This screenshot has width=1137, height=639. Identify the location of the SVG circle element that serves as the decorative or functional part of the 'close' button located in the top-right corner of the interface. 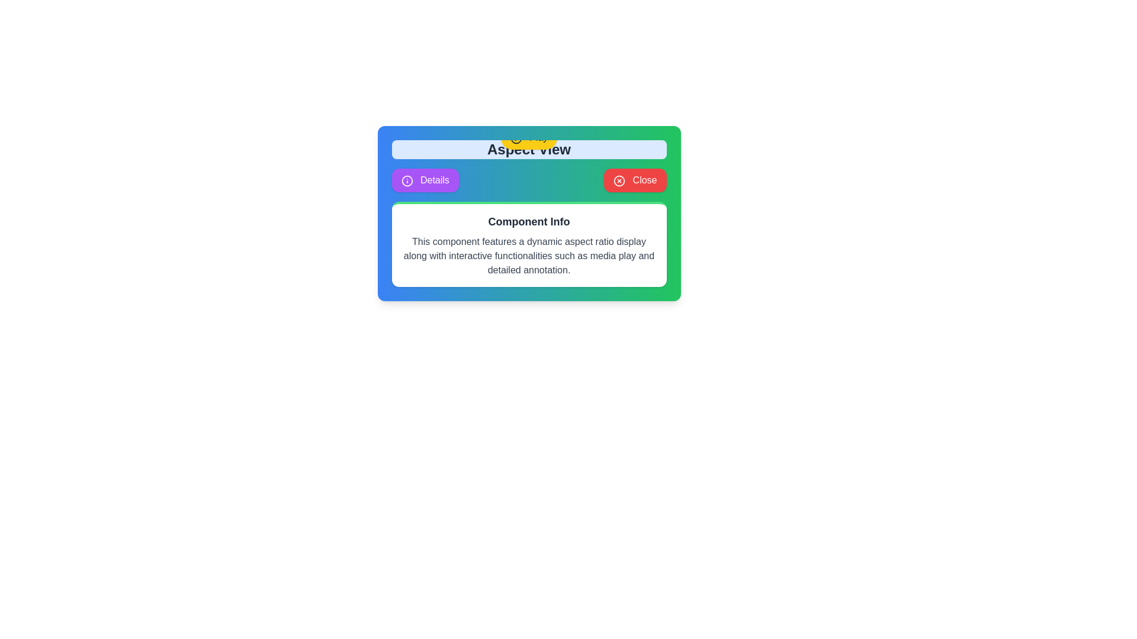
(619, 180).